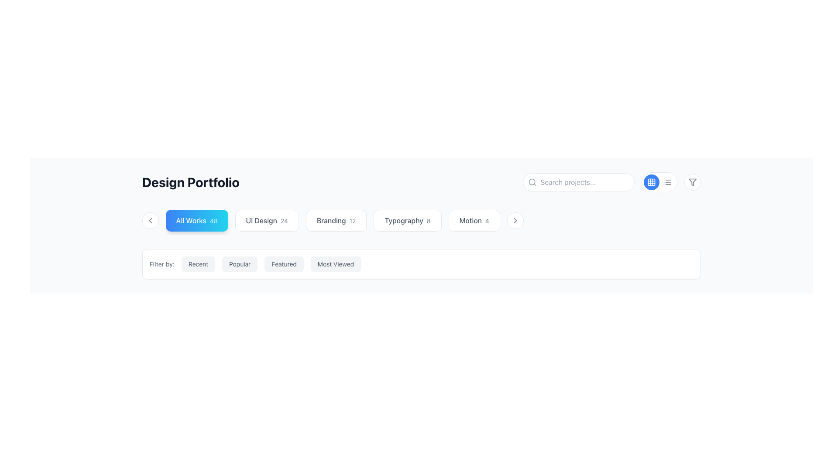 This screenshot has width=838, height=471. I want to click on the filter activation icon button located in the top-right corner of the interface, so click(692, 181).